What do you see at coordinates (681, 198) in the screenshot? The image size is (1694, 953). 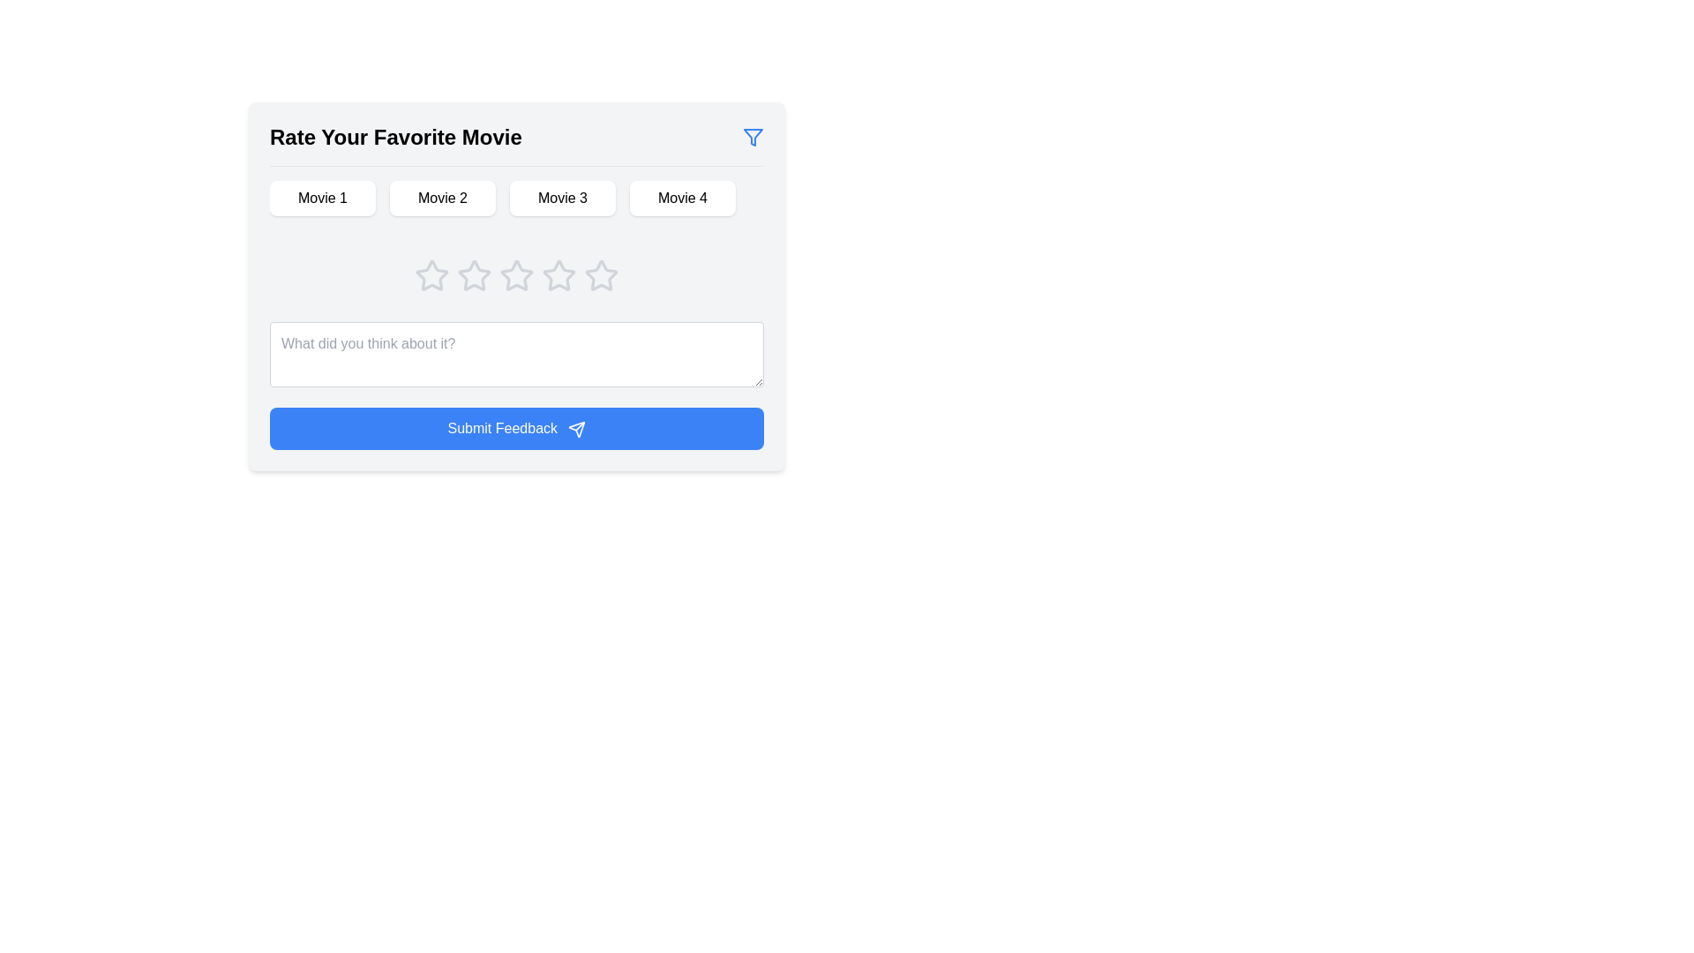 I see `the button labeled 'Movie 4' which is the last in a horizontal sequence of four similar buttons` at bounding box center [681, 198].